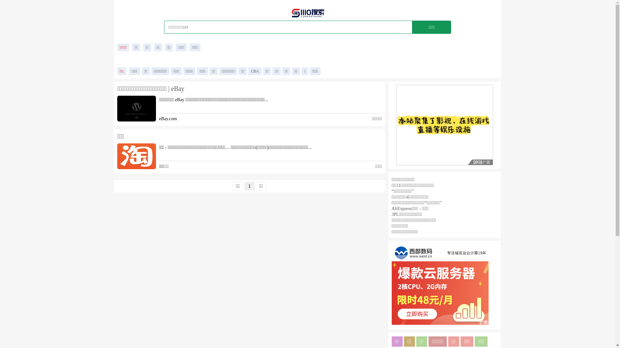  What do you see at coordinates (254, 71) in the screenshot?
I see `'CBA'` at bounding box center [254, 71].